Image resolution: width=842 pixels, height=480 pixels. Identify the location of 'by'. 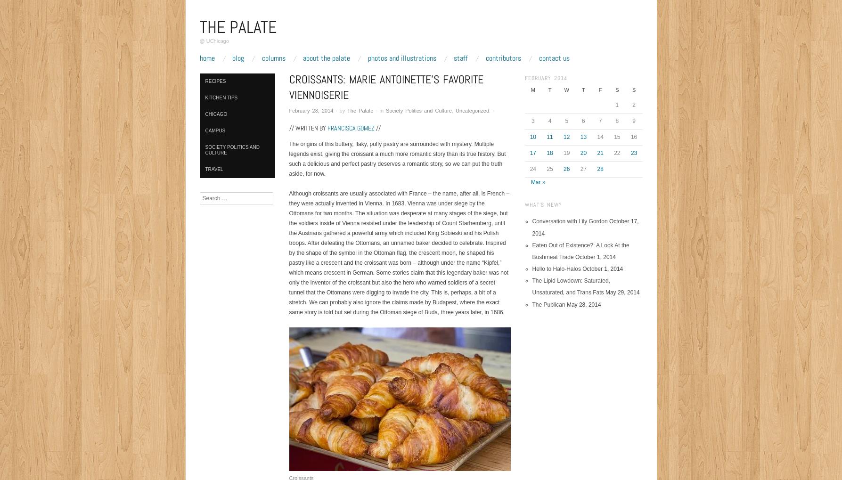
(343, 110).